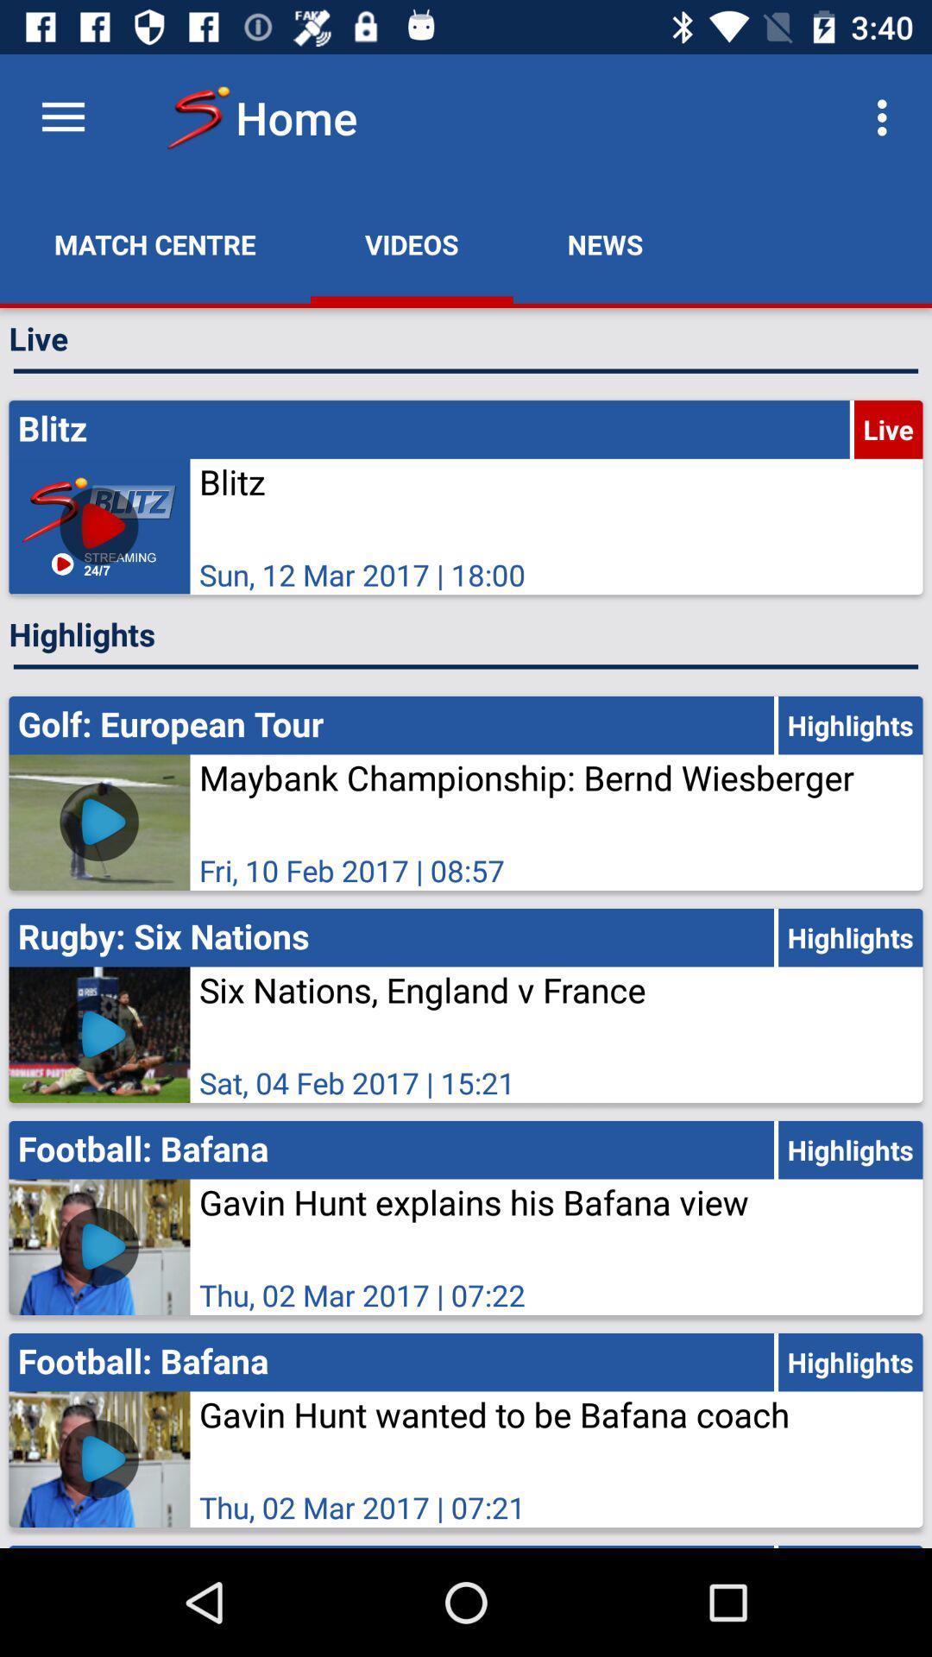 The width and height of the screenshot is (932, 1657). What do you see at coordinates (99, 1459) in the screenshot?
I see `the first video bottom` at bounding box center [99, 1459].